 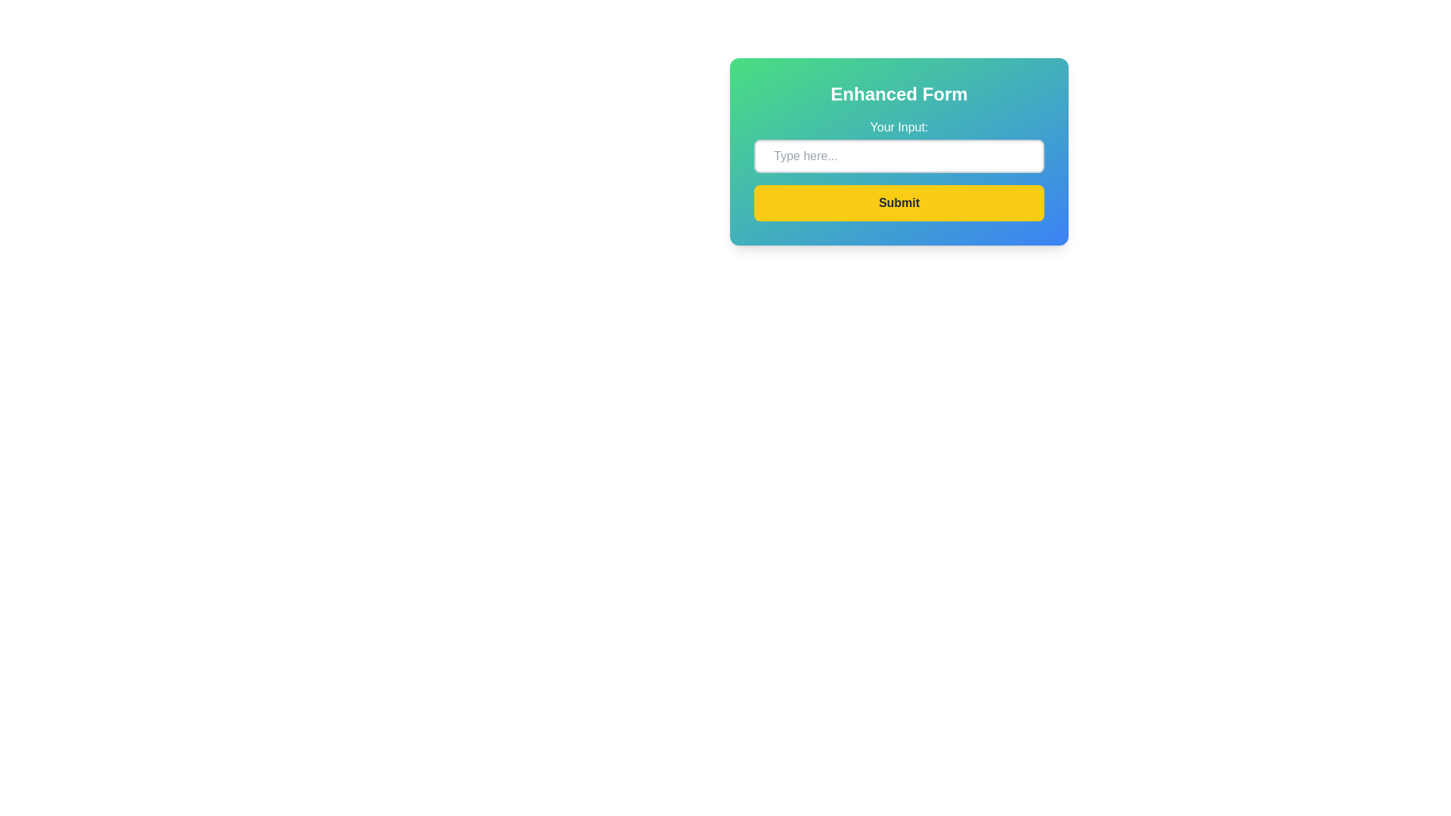 What do you see at coordinates (899, 94) in the screenshot?
I see `the bold, large-sized text reading 'Enhanced Form' which is styled in white and is prominently displayed at the top of the interface` at bounding box center [899, 94].